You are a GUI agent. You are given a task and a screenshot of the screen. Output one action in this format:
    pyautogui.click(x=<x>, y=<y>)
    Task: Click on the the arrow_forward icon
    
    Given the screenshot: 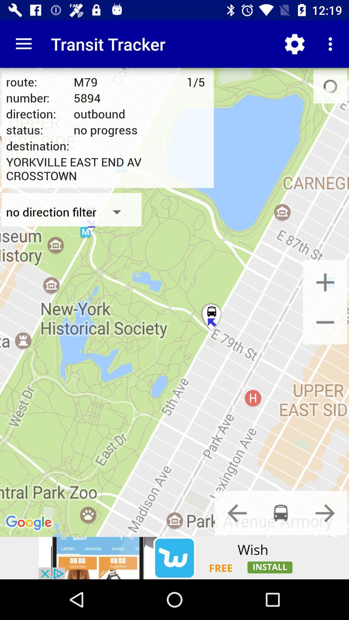 What is the action you would take?
    pyautogui.click(x=325, y=512)
    